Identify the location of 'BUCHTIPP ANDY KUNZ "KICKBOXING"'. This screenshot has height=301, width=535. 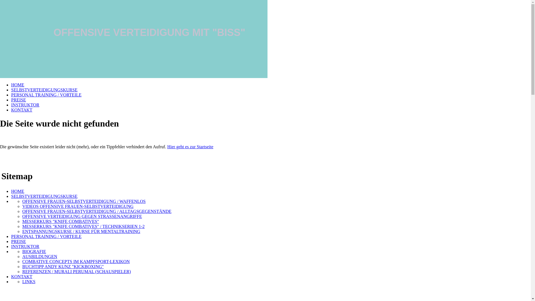
(63, 266).